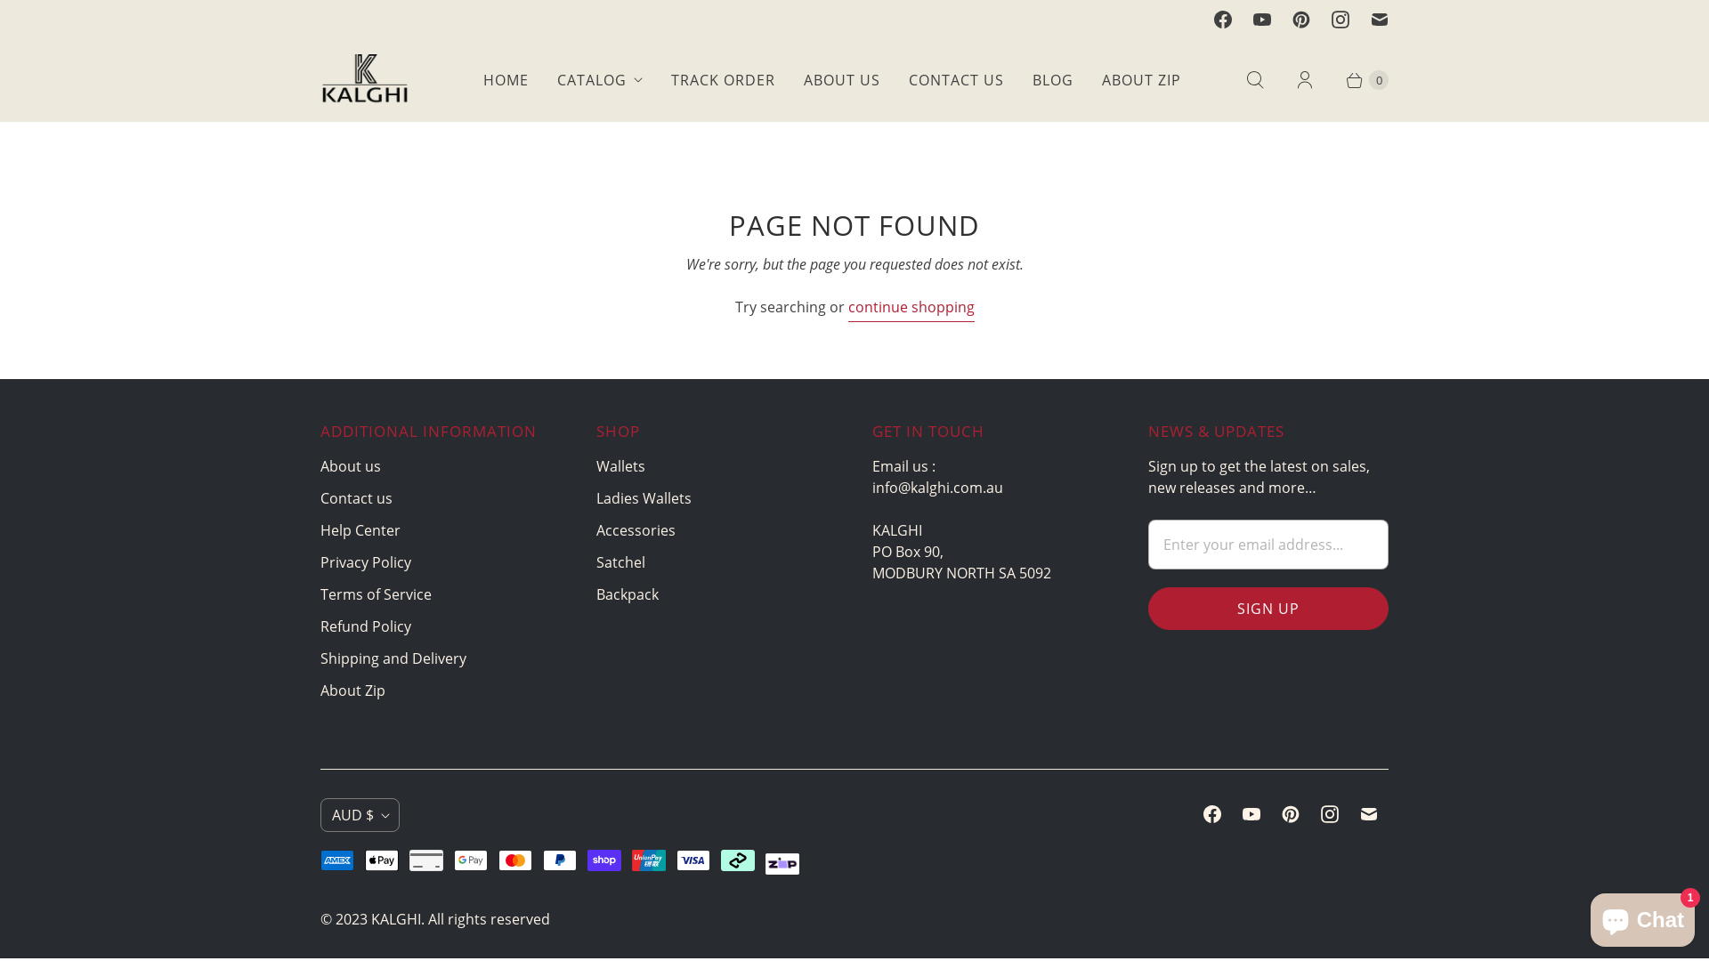  Describe the element at coordinates (643, 497) in the screenshot. I see `'Ladies Wallets'` at that location.